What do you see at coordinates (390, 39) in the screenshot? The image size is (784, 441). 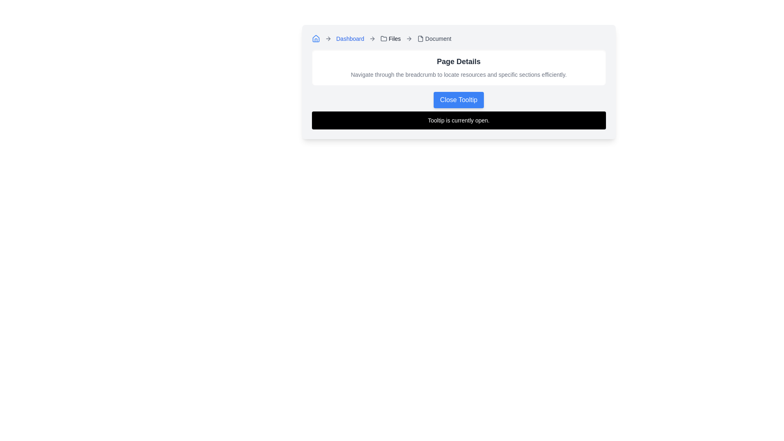 I see `the 'Files' breadcrumb link in the navigation` at bounding box center [390, 39].